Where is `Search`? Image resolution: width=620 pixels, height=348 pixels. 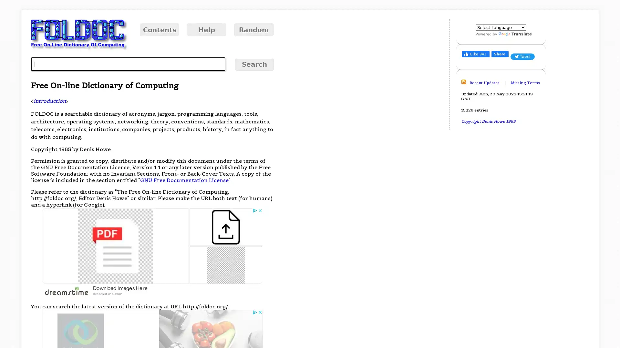
Search is located at coordinates (254, 64).